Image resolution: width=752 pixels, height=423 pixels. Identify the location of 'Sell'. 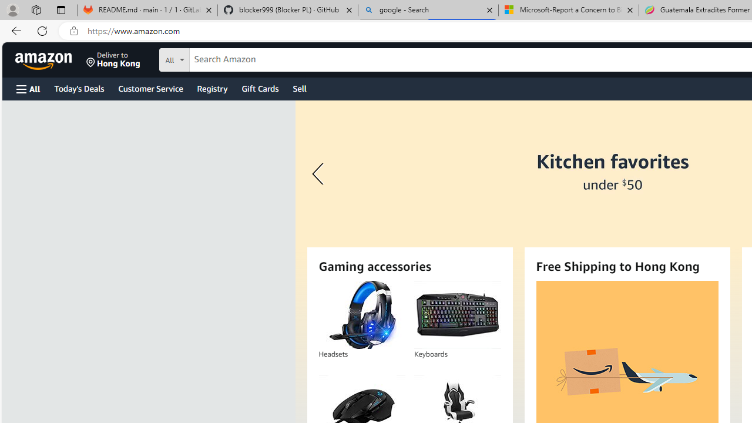
(300, 88).